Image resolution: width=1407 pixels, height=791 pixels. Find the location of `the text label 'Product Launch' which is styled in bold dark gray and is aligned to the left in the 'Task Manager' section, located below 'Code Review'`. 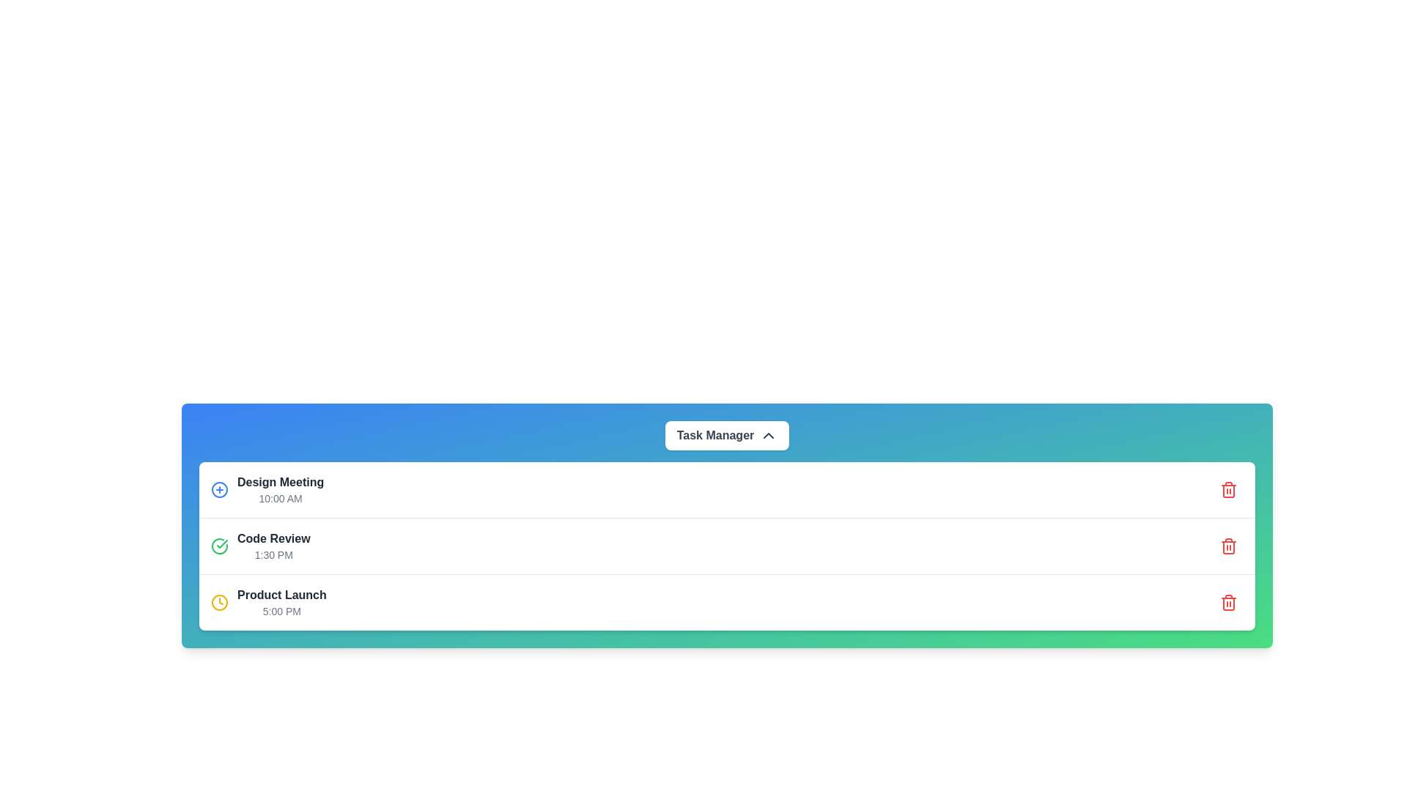

the text label 'Product Launch' which is styled in bold dark gray and is aligned to the left in the 'Task Manager' section, located below 'Code Review' is located at coordinates (281, 595).